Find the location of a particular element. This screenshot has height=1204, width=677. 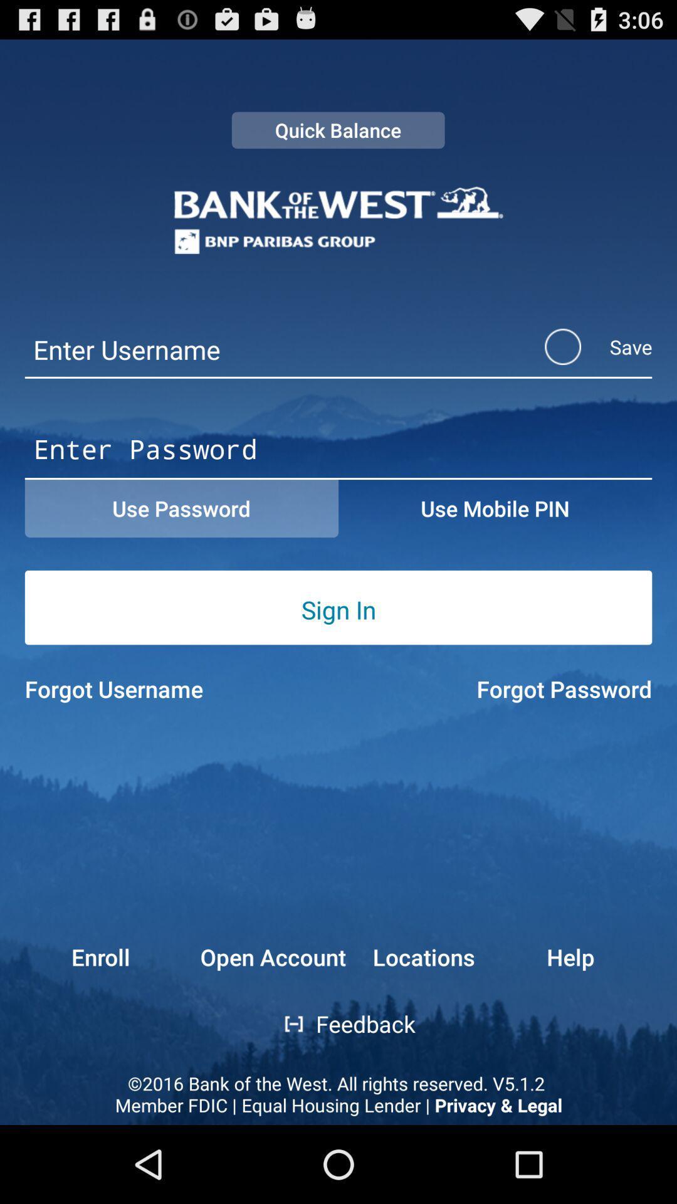

sign in icon is located at coordinates (338, 610).